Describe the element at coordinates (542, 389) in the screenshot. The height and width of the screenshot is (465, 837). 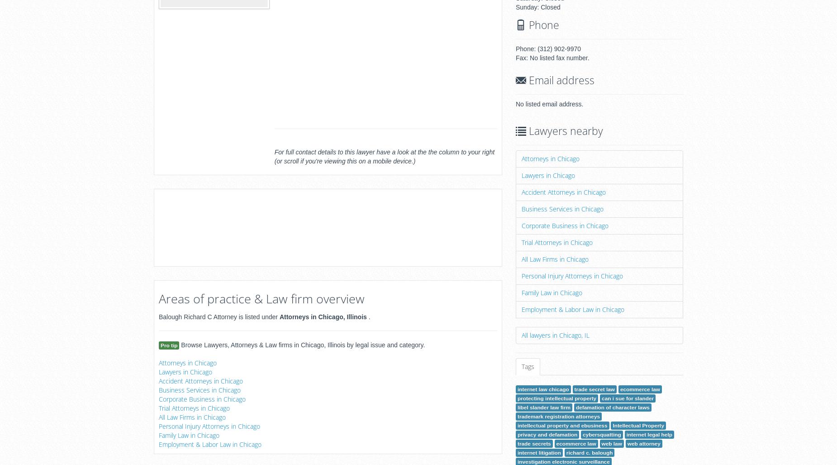
I see `'internet law chicago'` at that location.